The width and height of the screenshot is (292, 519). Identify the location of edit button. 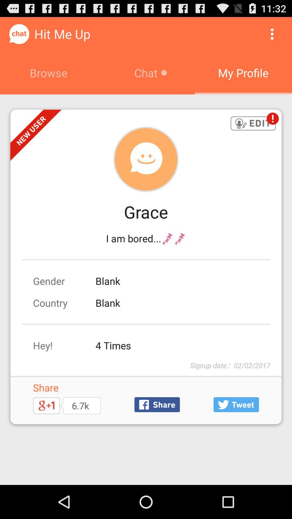
(253, 124).